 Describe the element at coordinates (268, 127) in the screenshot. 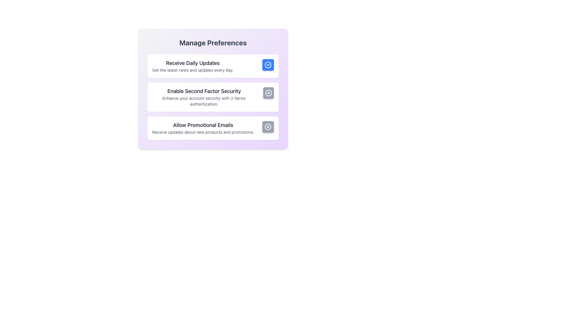

I see `the Decorative SVG icon associated with the 'Allow Promotional Emails' setting, located on the right-hand side of the third entry in the list` at that location.